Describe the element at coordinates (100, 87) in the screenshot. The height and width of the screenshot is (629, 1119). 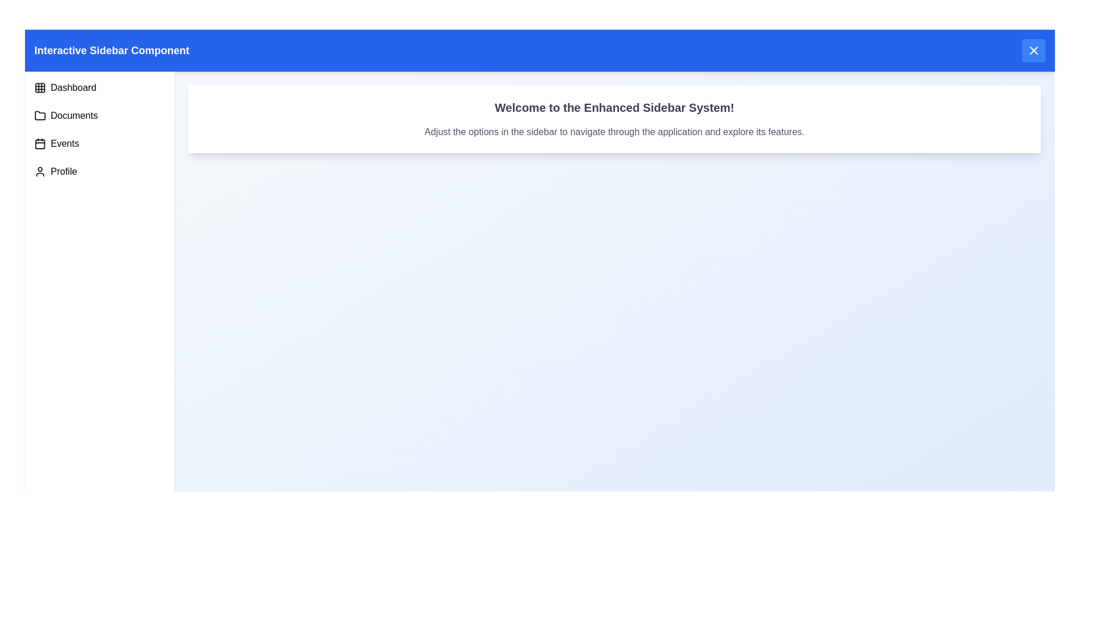
I see `the 'Dashboard' menu item in the vertical sidebar` at that location.